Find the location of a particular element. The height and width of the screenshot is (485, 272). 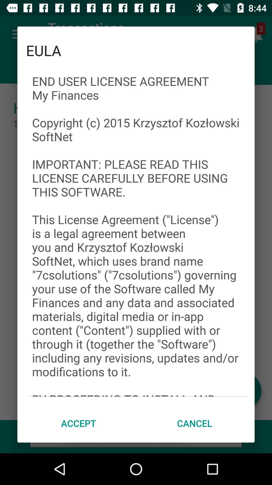

the item next to cancel icon is located at coordinates (79, 423).